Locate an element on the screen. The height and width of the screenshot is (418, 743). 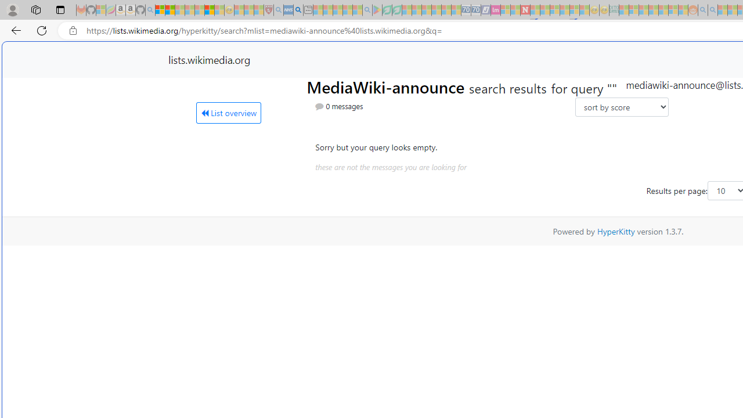
'google - Search - Sleeping' is located at coordinates (366, 10).